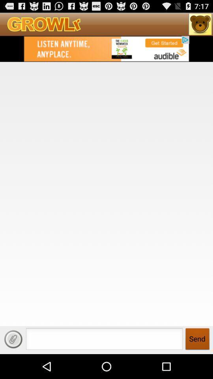 The width and height of the screenshot is (213, 379). I want to click on home page, so click(200, 24).